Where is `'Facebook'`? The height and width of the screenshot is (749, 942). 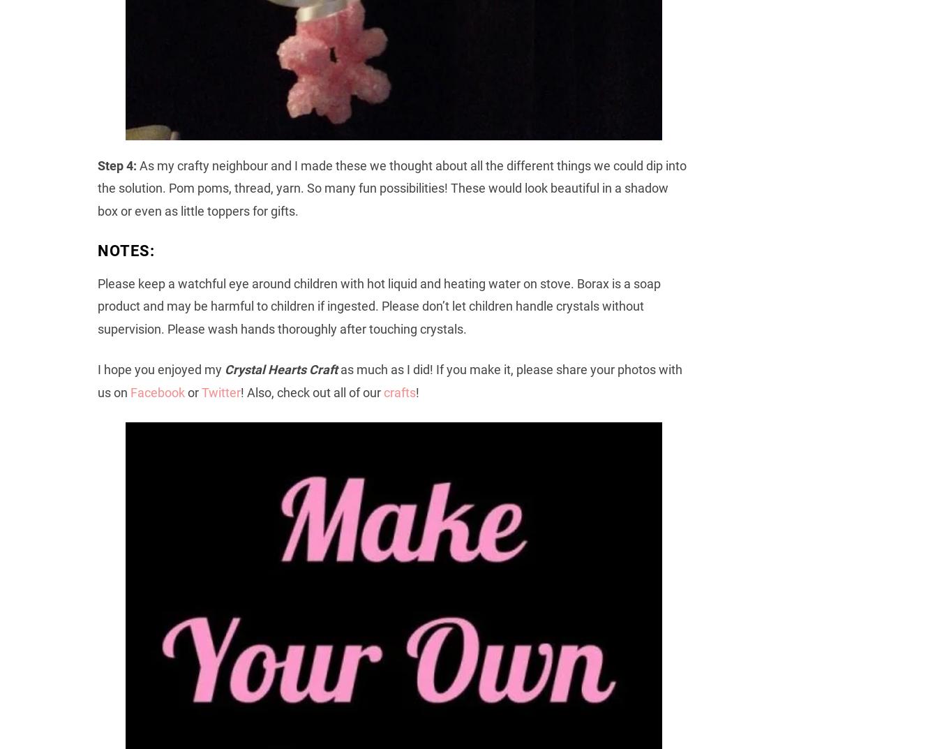
'Facebook' is located at coordinates (157, 392).